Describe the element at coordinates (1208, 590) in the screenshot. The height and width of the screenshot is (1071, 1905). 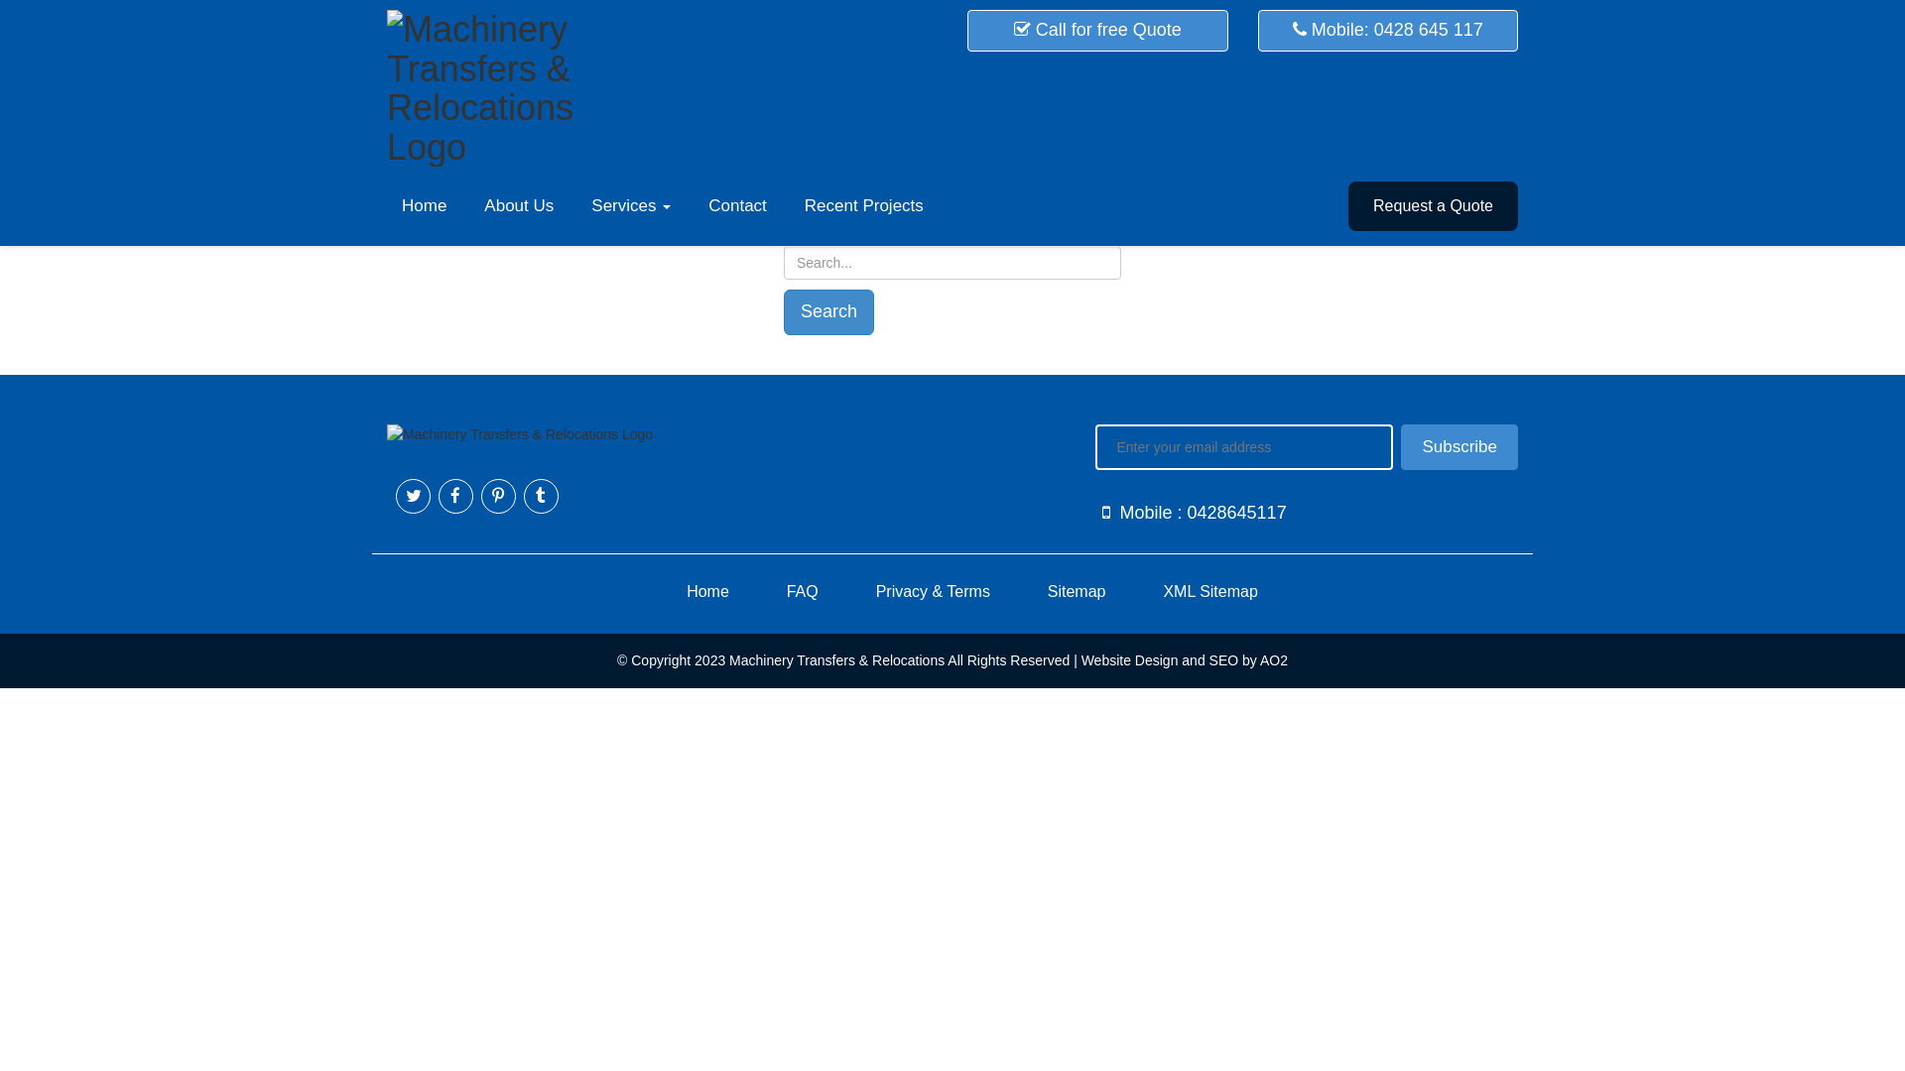
I see `'XML Sitemap'` at that location.